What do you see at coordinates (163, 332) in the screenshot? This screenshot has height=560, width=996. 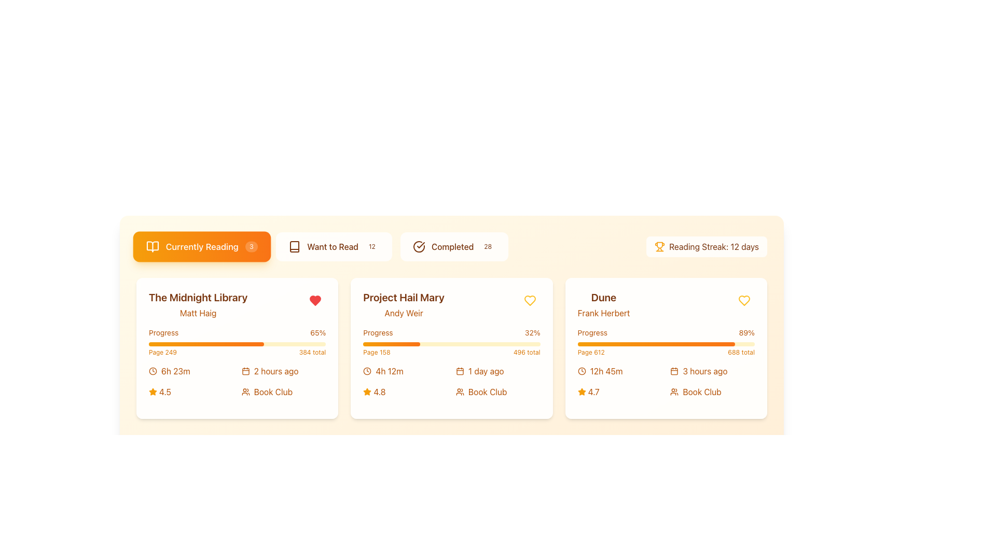 I see `the static text label indicating the reading completion percentage for 'The Midnight Library' located in the details panel` at bounding box center [163, 332].